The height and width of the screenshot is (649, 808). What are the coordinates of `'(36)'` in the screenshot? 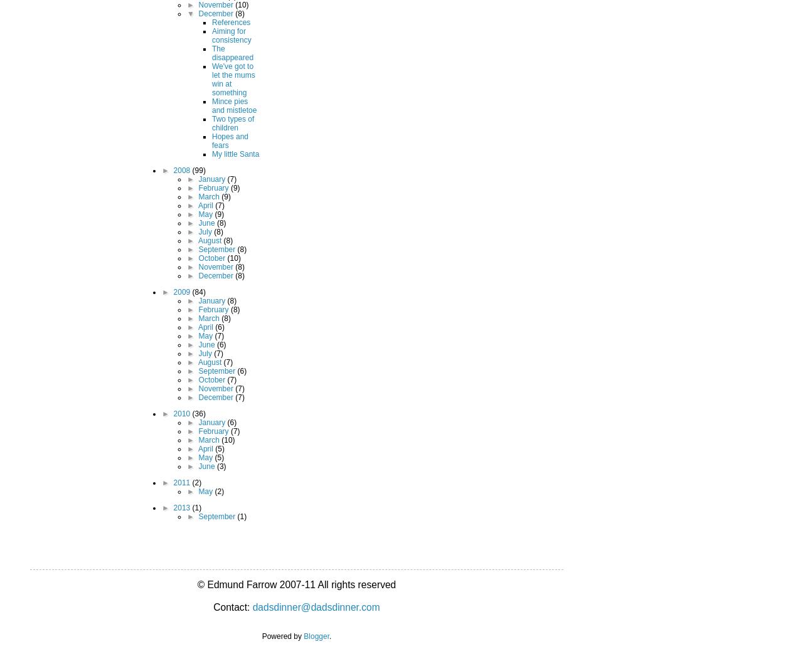 It's located at (192, 412).